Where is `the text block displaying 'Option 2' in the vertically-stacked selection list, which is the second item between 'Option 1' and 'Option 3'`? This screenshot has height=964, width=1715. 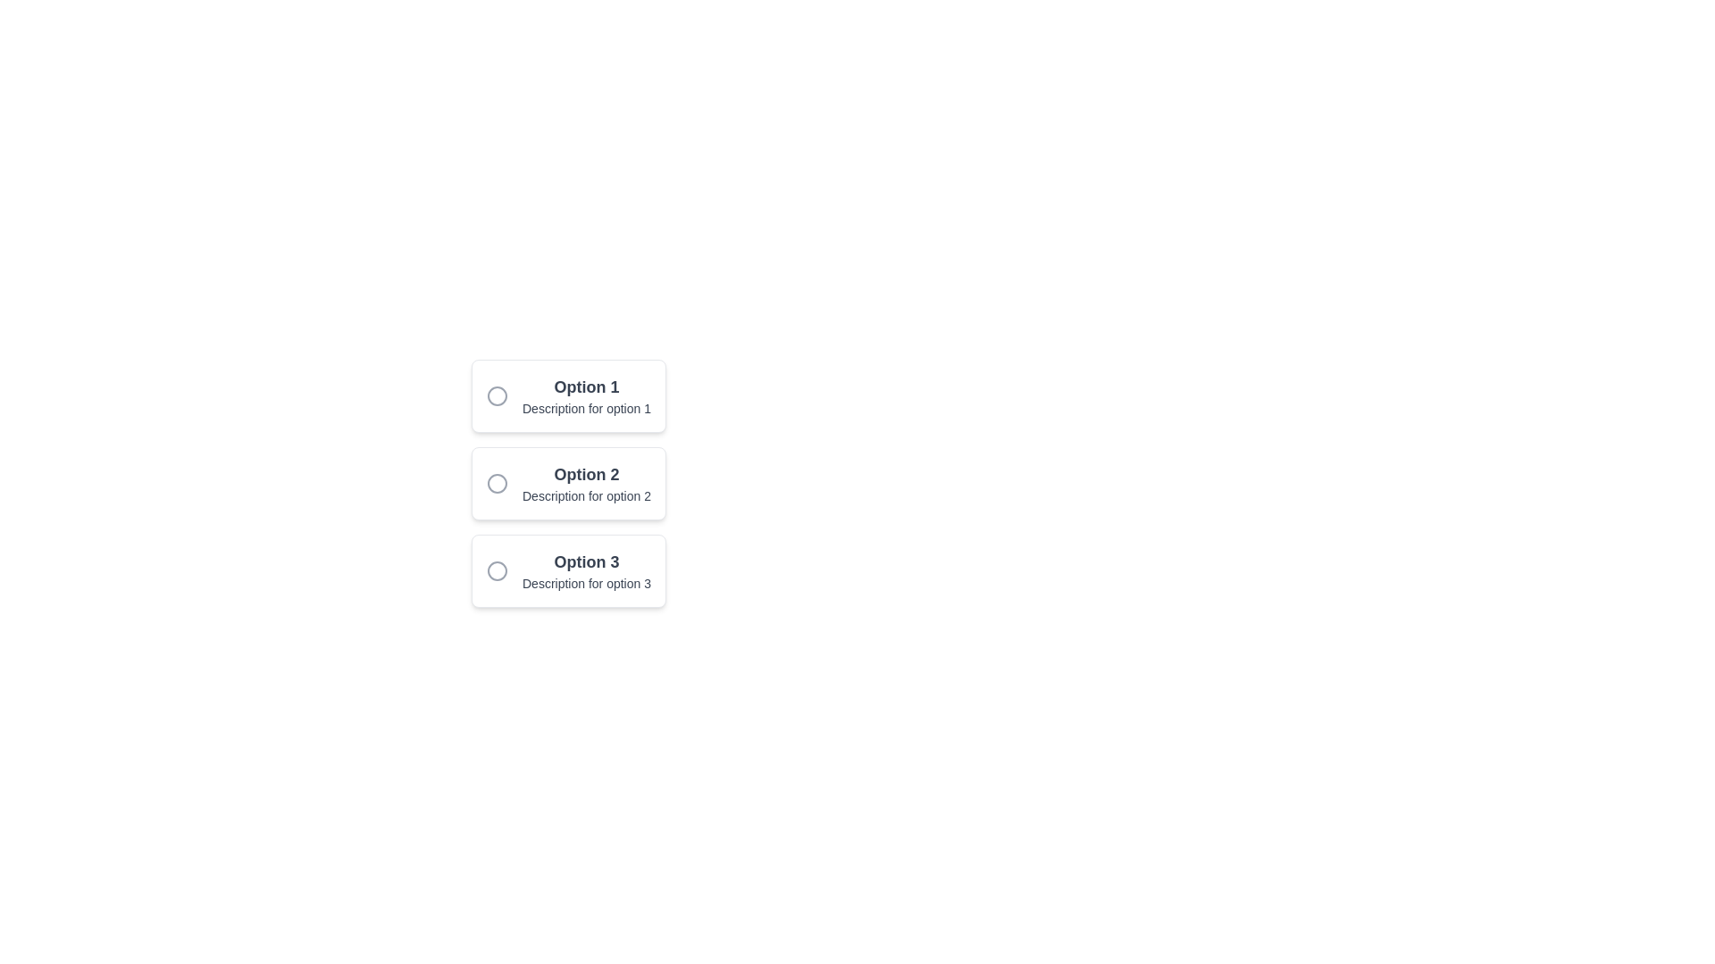 the text block displaying 'Option 2' in the vertically-stacked selection list, which is the second item between 'Option 1' and 'Option 3' is located at coordinates (587, 484).